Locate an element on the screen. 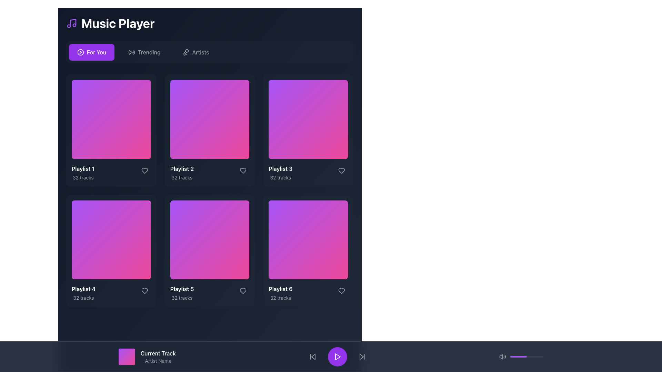  the second tile in the top row of the playlist grid, which has a gradient background transitioning from purple to pink is located at coordinates (209, 119).